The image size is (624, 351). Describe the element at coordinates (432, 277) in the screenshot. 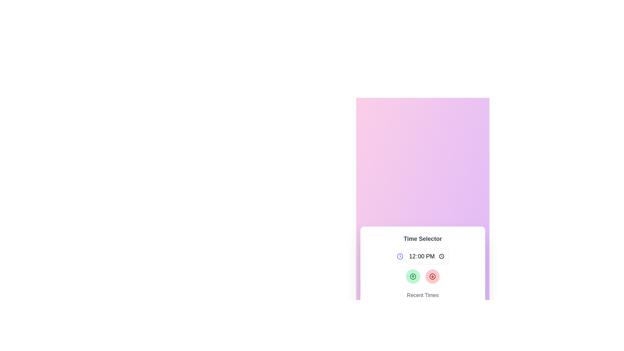

I see `the central circular part of the downward arrow icon located in the lower-right quadrant of the interface, just above the 'Recent Times' label` at that location.